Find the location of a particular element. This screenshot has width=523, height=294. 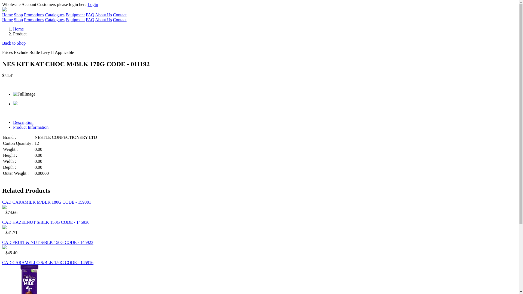

'Promotions' is located at coordinates (34, 14).